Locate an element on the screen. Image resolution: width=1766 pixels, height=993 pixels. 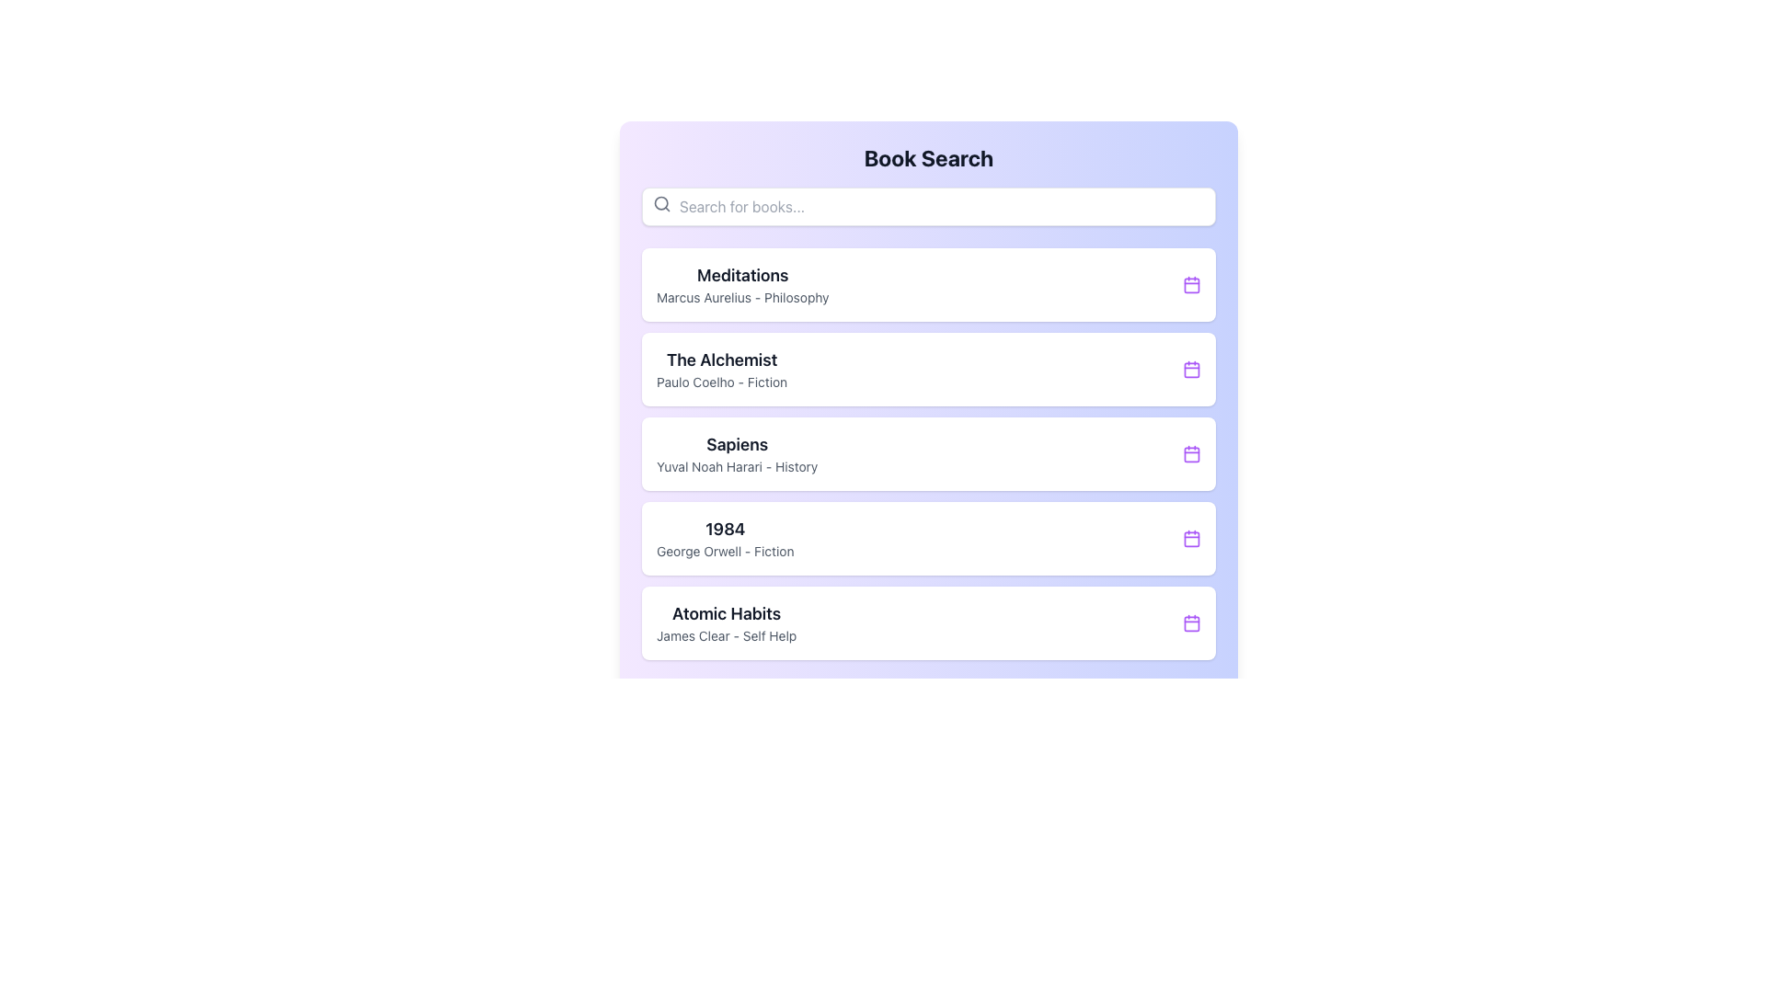
the central circle of the magnifying glass icon located at the top-left of the search bar, which serves as a decorative component of the search functionality is located at coordinates (661, 203).